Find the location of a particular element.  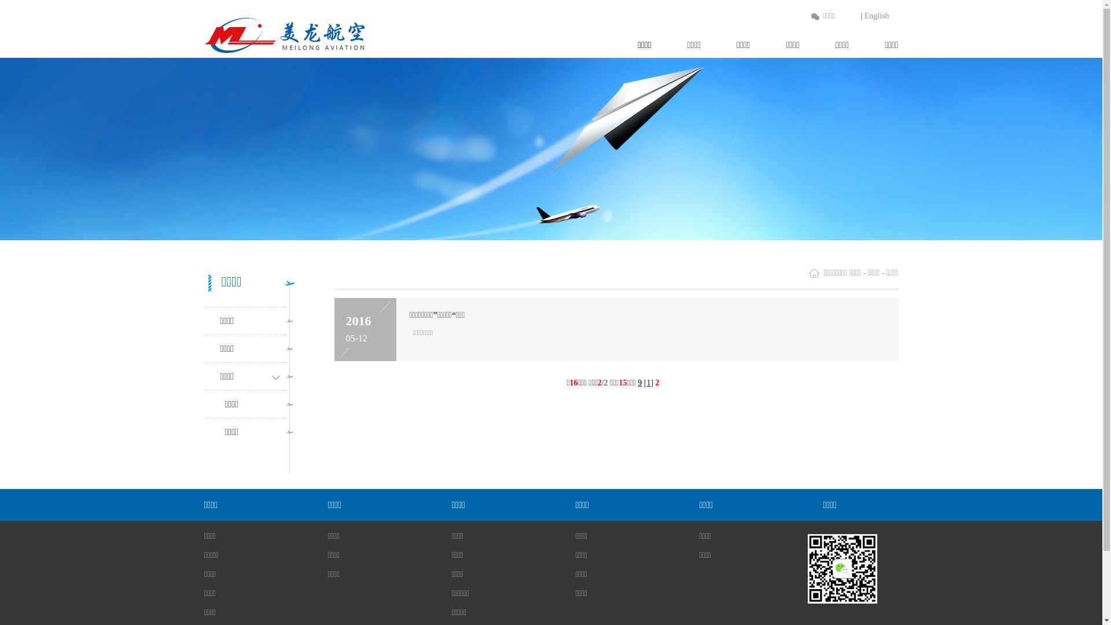

'9' is located at coordinates (639, 383).